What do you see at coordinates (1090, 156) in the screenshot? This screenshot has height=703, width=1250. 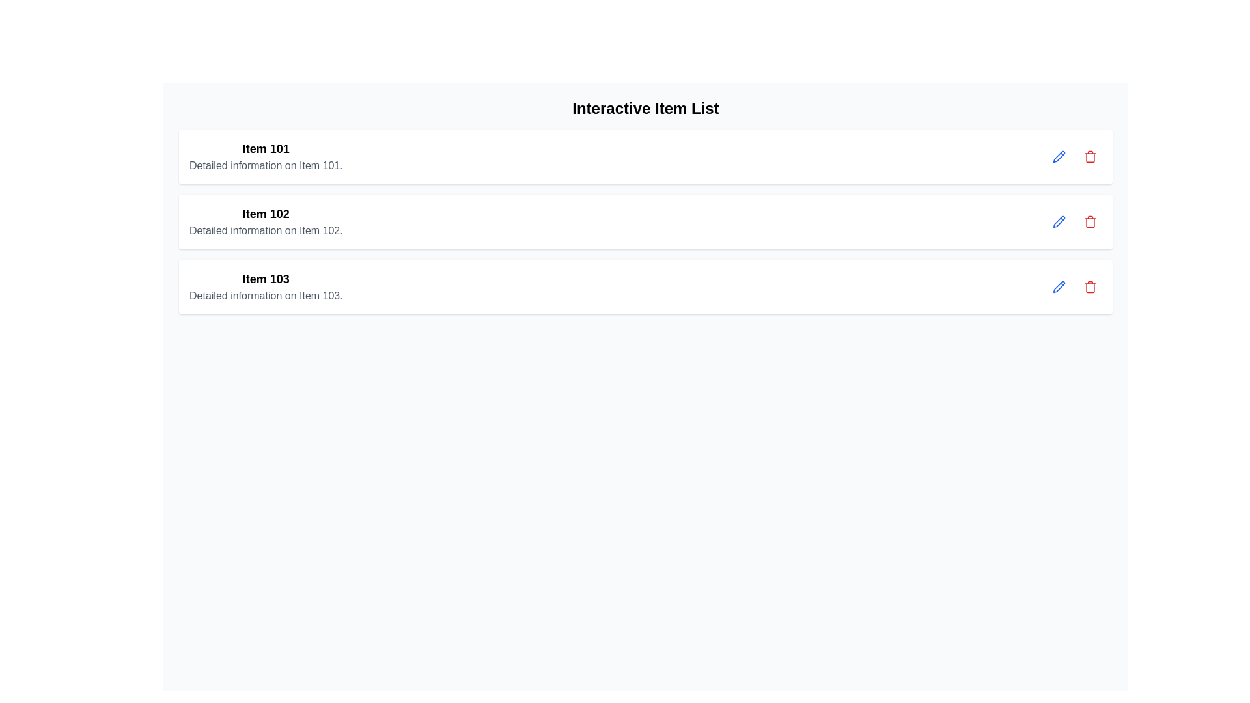 I see `the red trash can icon button located on the right side of the row titled 'Item 101'` at bounding box center [1090, 156].